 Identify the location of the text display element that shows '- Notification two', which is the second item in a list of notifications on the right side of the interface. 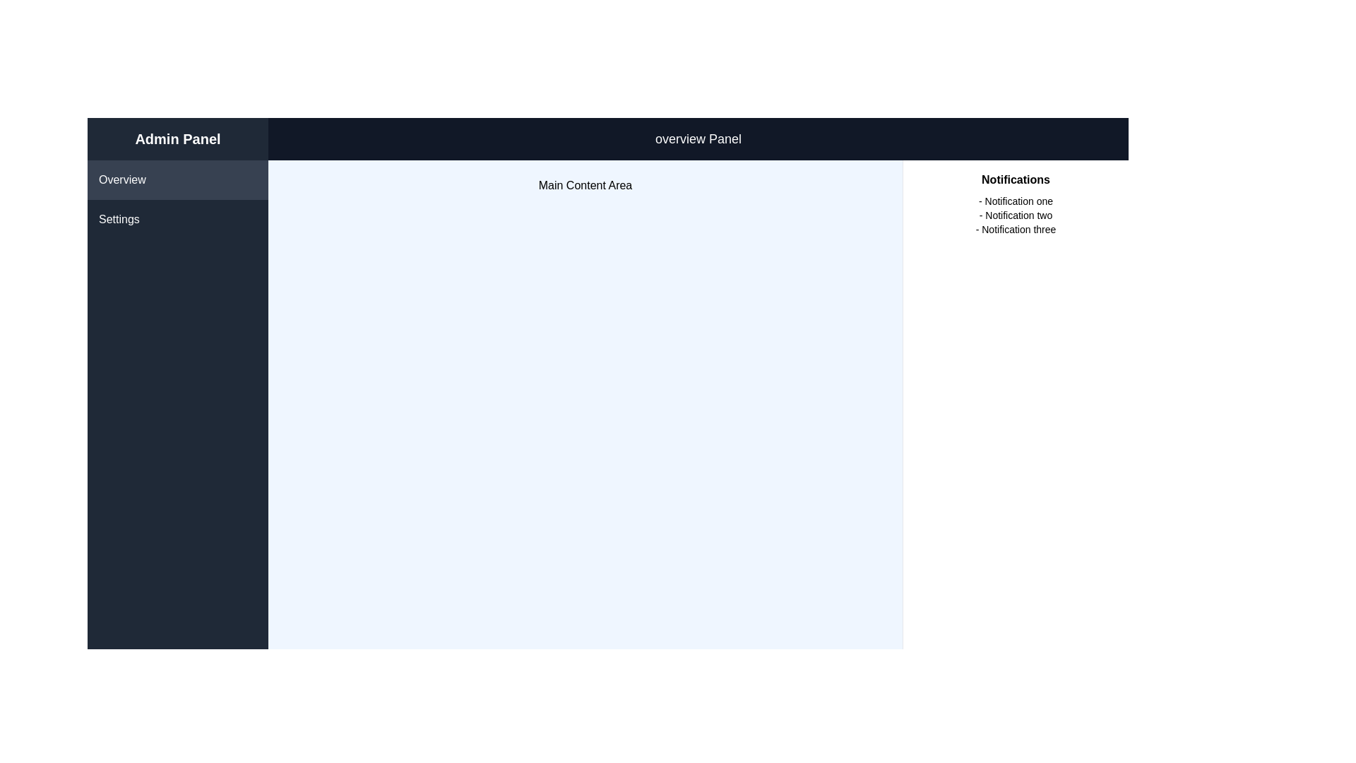
(1015, 215).